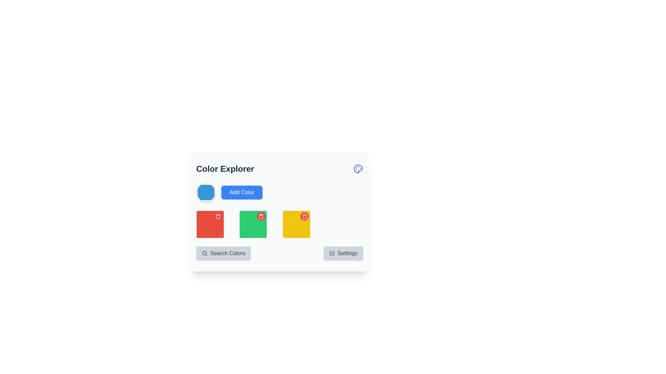 This screenshot has height=374, width=666. I want to click on the circular button with an icon located at the top-right corner of the square red block, so click(217, 216).